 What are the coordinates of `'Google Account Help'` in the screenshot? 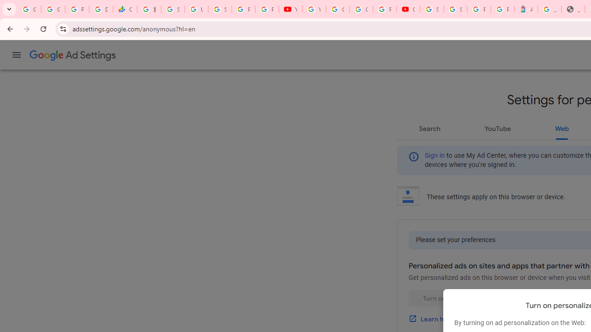 It's located at (337, 9).